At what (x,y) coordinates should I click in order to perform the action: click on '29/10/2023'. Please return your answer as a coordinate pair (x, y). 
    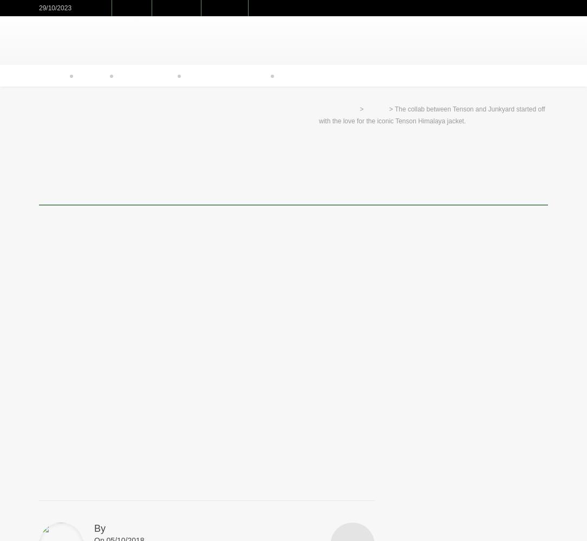
    Looking at the image, I should click on (55, 8).